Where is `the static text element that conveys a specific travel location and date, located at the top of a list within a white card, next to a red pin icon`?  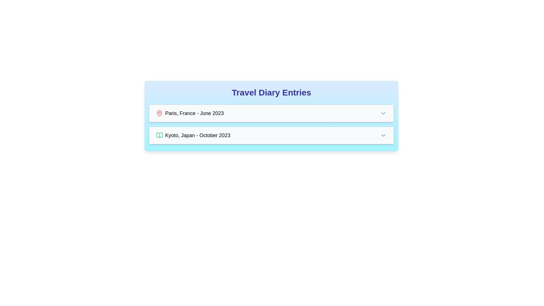
the static text element that conveys a specific travel location and date, located at the top of a list within a white card, next to a red pin icon is located at coordinates (194, 113).